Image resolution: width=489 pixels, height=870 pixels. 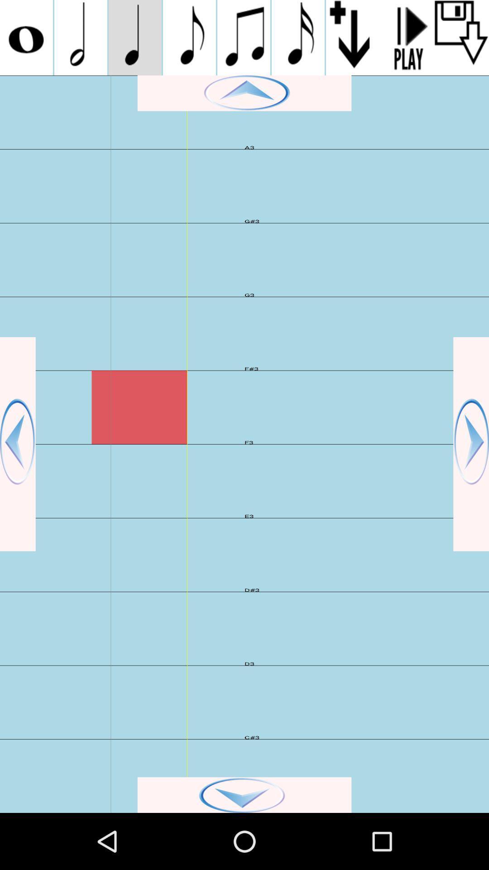 I want to click on music, so click(x=189, y=37).